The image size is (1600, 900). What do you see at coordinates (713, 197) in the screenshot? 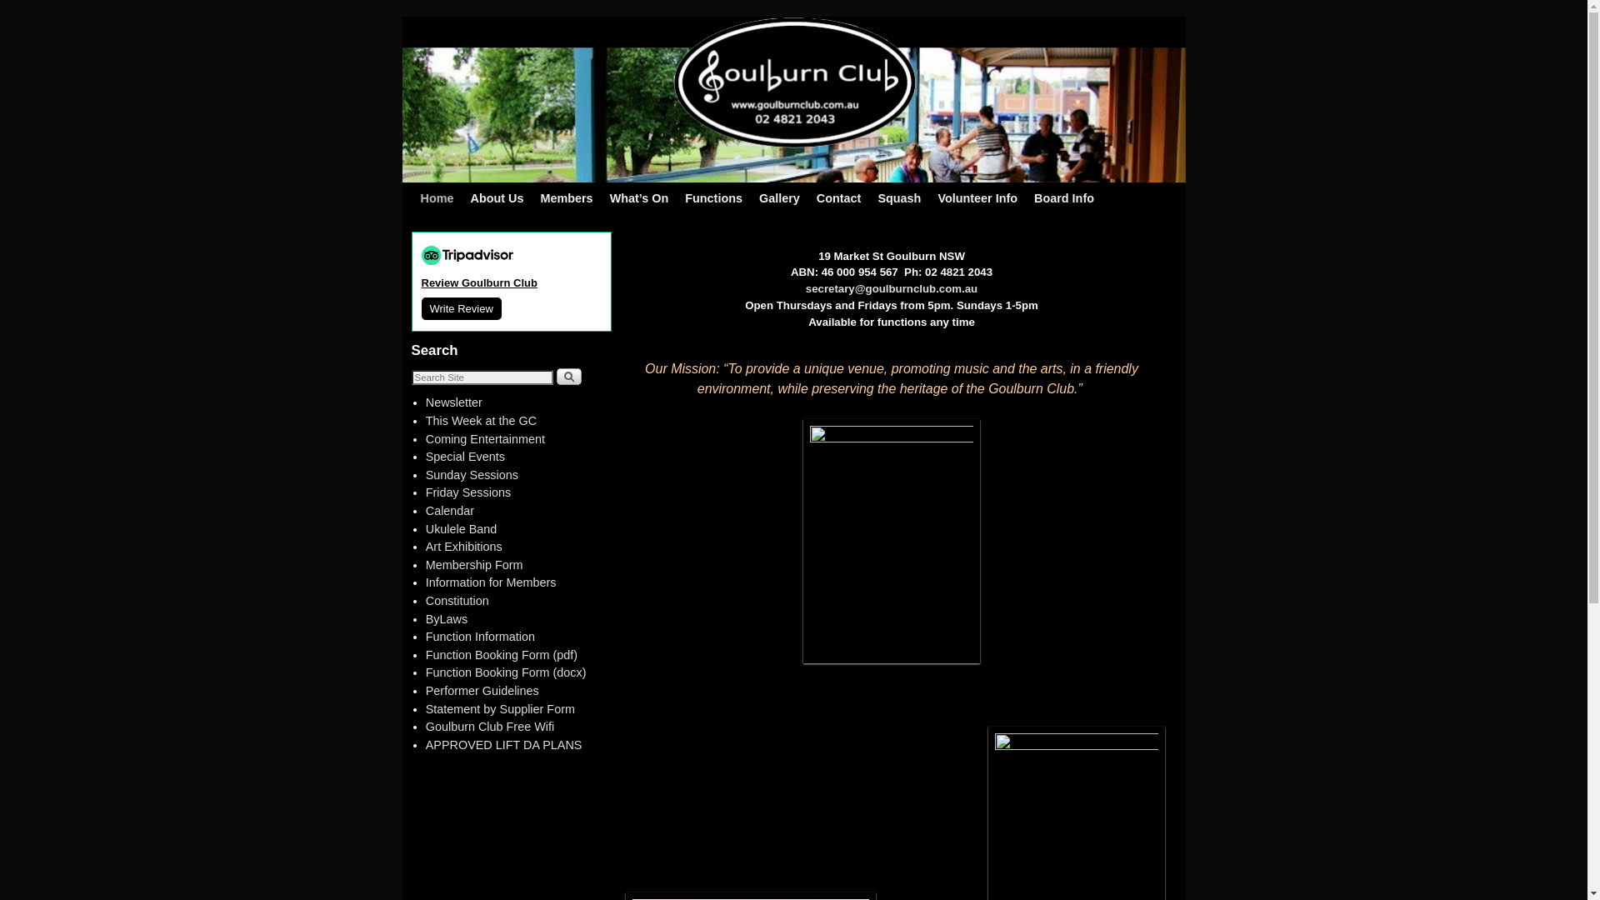
I see `'Functions'` at bounding box center [713, 197].